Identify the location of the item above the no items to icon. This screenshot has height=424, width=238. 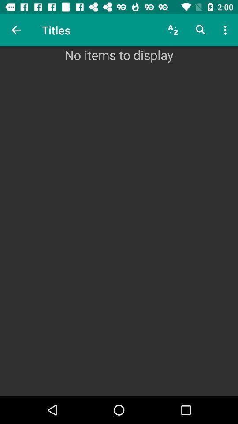
(201, 30).